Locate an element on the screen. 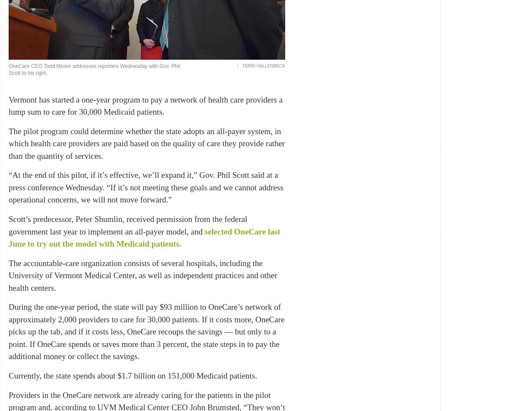 The image size is (506, 411). 'During the one-year period, the state will pay $93 million to OneCare’s network of approximately 2,000 providers to care for 30,000 patients. If it costs more, OneCare picks up the tab, and if it costs less, OneCare recoups the savings — but only to a point. If OneCare spends or saves more than 3 percent, the state steps in to pay the additional money or collect the savings.' is located at coordinates (146, 331).